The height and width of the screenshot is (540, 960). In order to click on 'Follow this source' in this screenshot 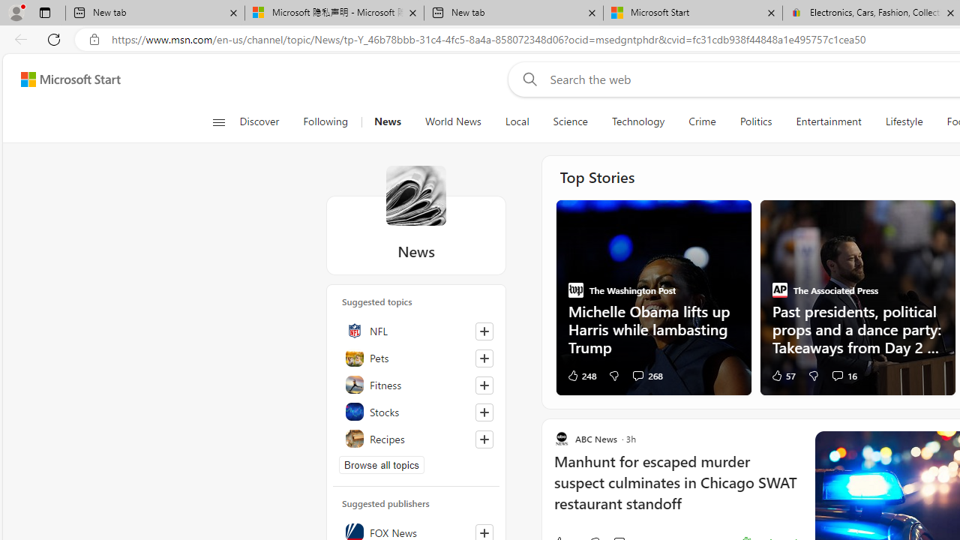, I will do `click(484, 532)`.